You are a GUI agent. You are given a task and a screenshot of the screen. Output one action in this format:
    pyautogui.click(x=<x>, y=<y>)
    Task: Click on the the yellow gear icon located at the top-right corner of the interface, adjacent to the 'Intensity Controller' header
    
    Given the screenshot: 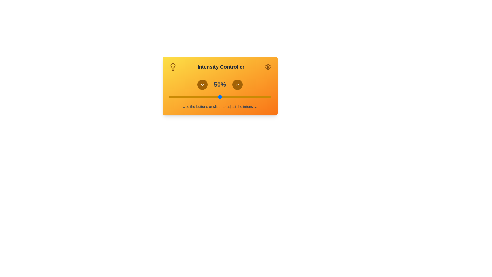 What is the action you would take?
    pyautogui.click(x=268, y=67)
    